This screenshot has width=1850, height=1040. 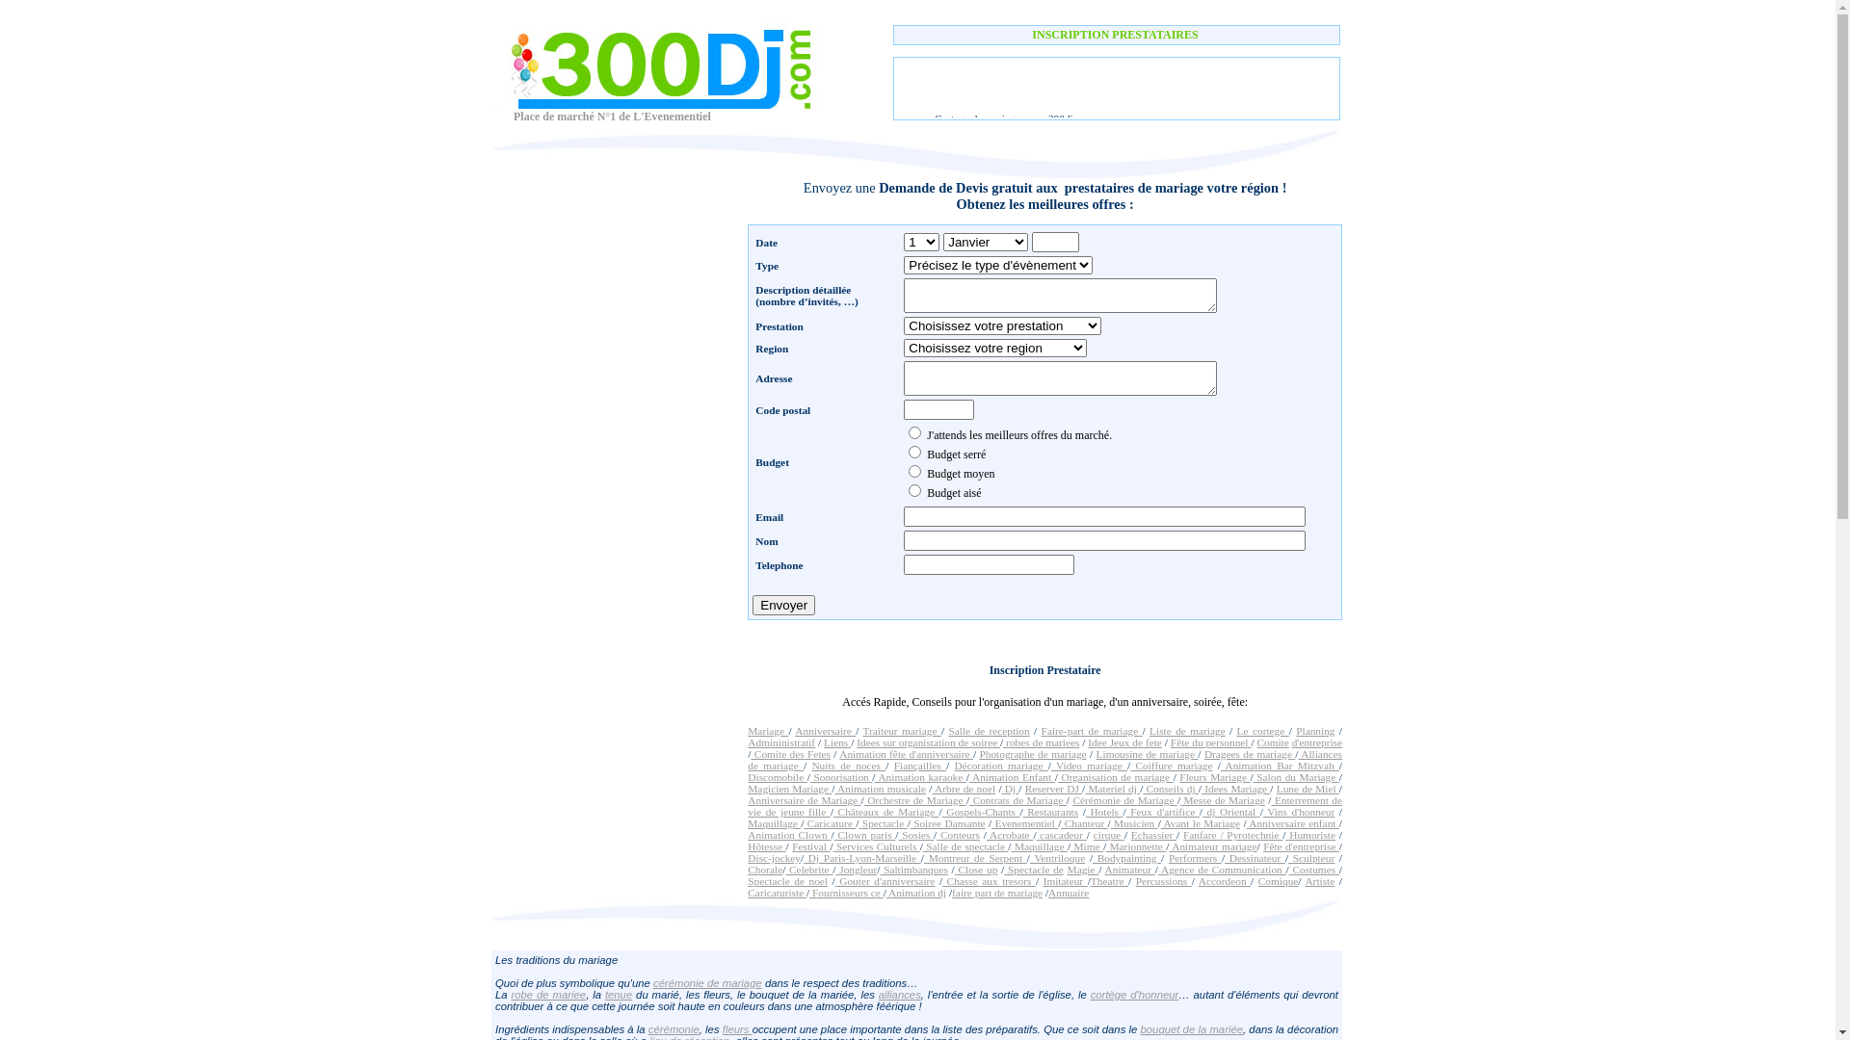 I want to click on 'Limousine de mariage', so click(x=1147, y=753).